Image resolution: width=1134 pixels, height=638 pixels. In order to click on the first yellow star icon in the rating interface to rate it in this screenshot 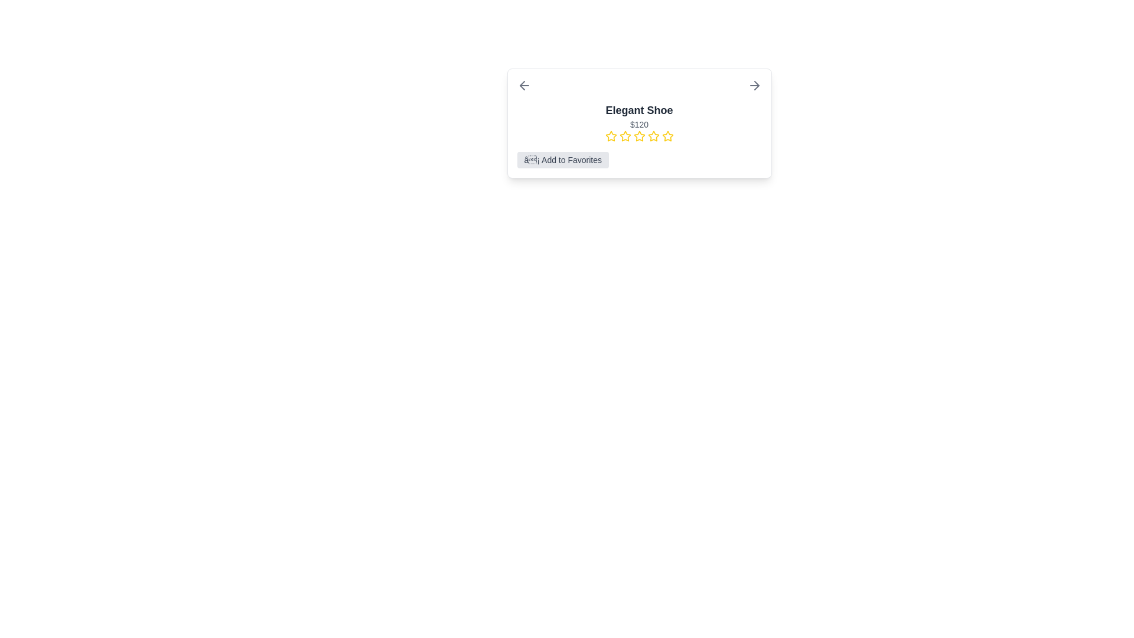, I will do `click(611, 136)`.